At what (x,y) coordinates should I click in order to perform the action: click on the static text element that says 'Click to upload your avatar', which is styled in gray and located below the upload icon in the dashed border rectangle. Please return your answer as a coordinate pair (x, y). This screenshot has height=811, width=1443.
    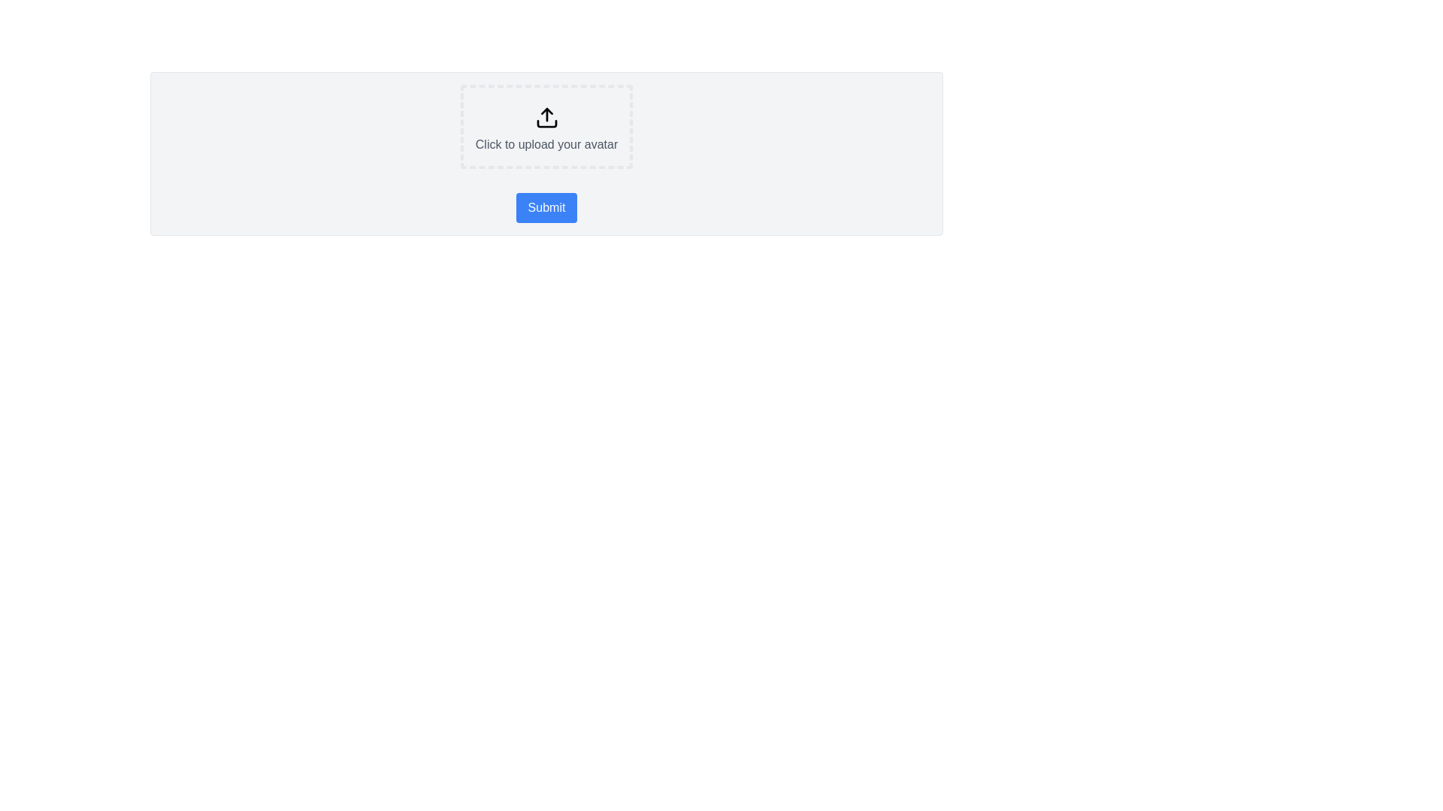
    Looking at the image, I should click on (546, 144).